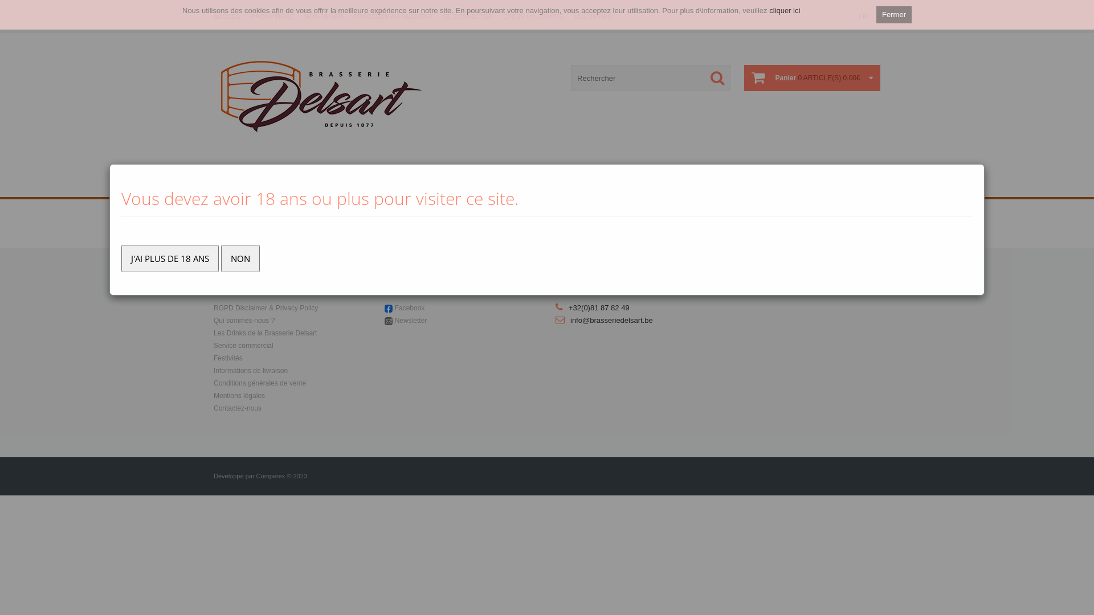 Image resolution: width=1094 pixels, height=615 pixels. I want to click on 'info@brasseriedelsart.be', so click(611, 320).